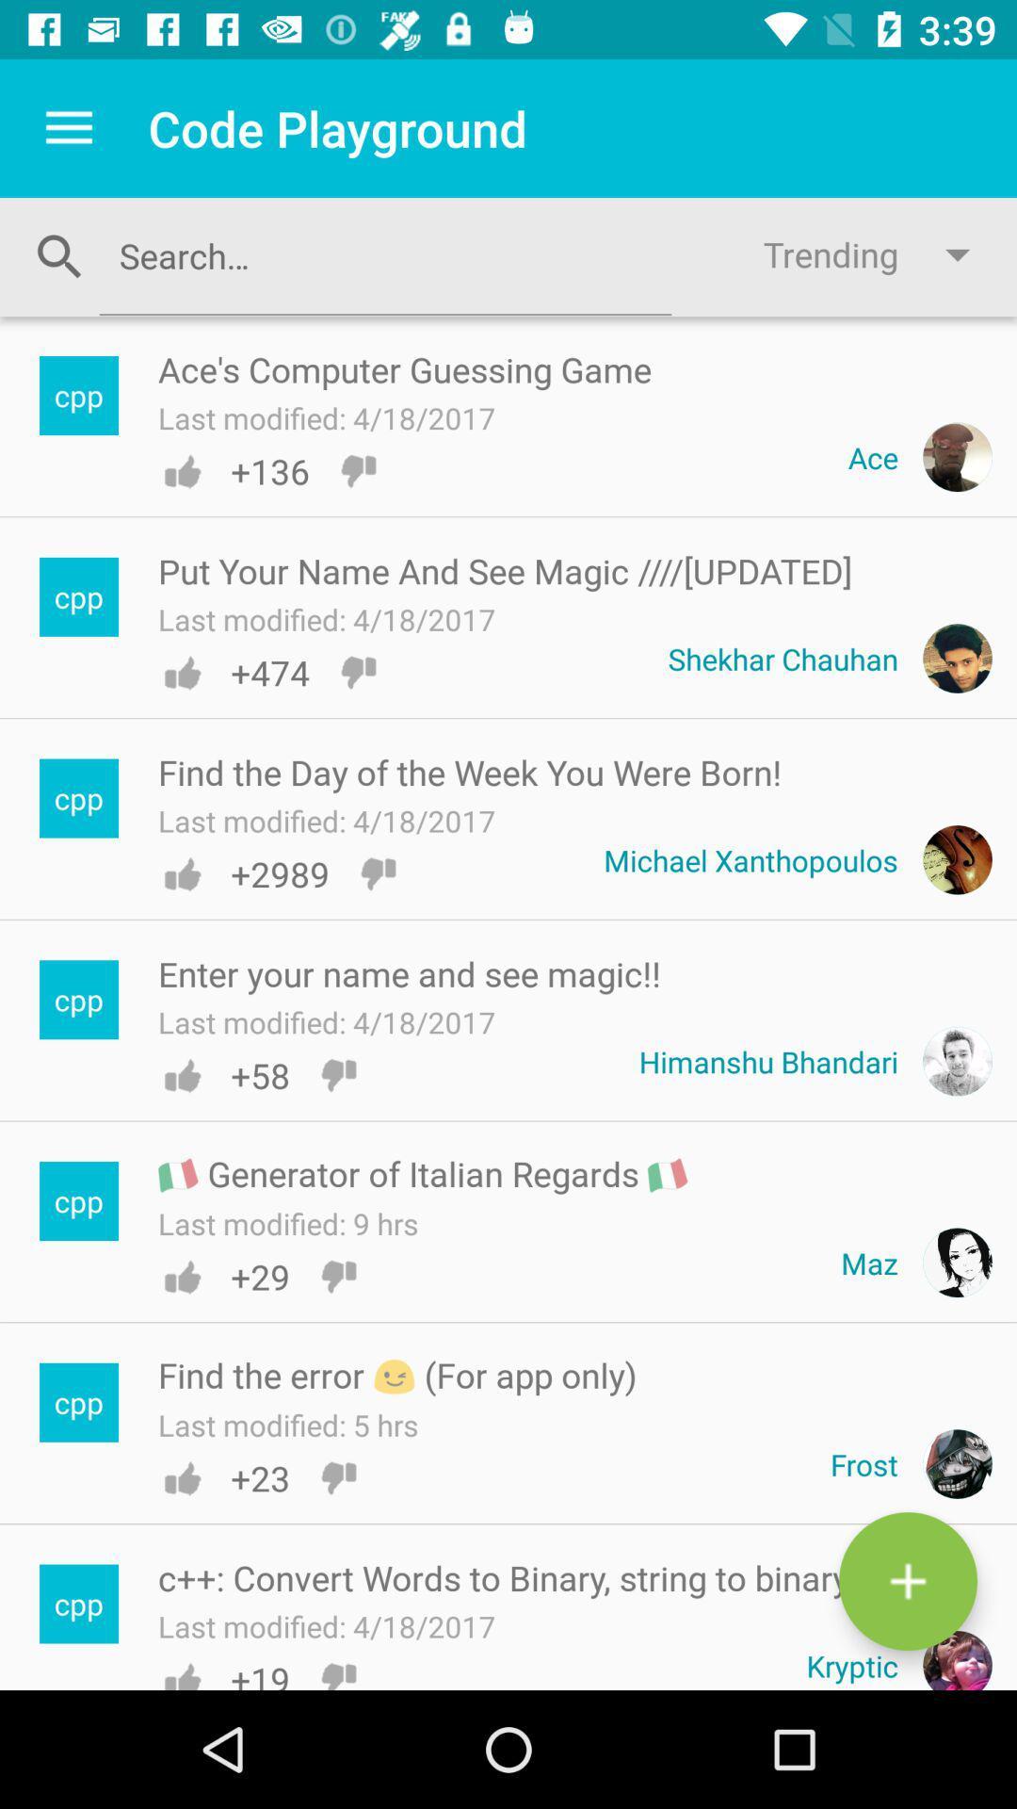 The image size is (1017, 1809). Describe the element at coordinates (907, 1581) in the screenshot. I see `code` at that location.